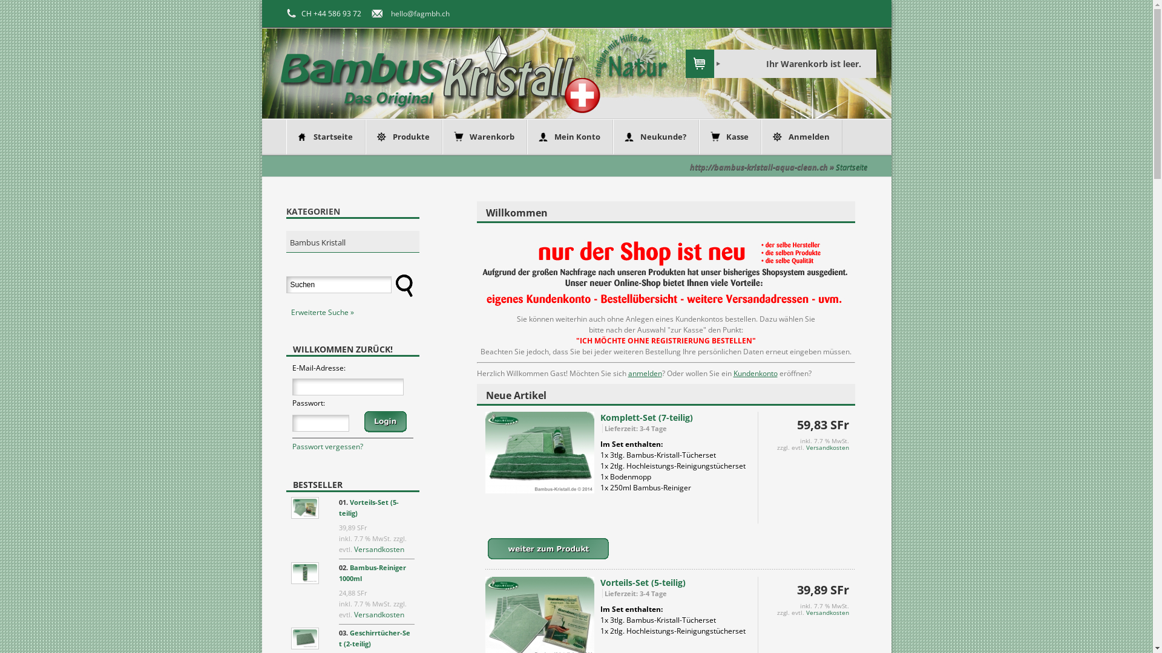  I want to click on 'Bambus-Reiniger 1000ml', so click(339, 572).